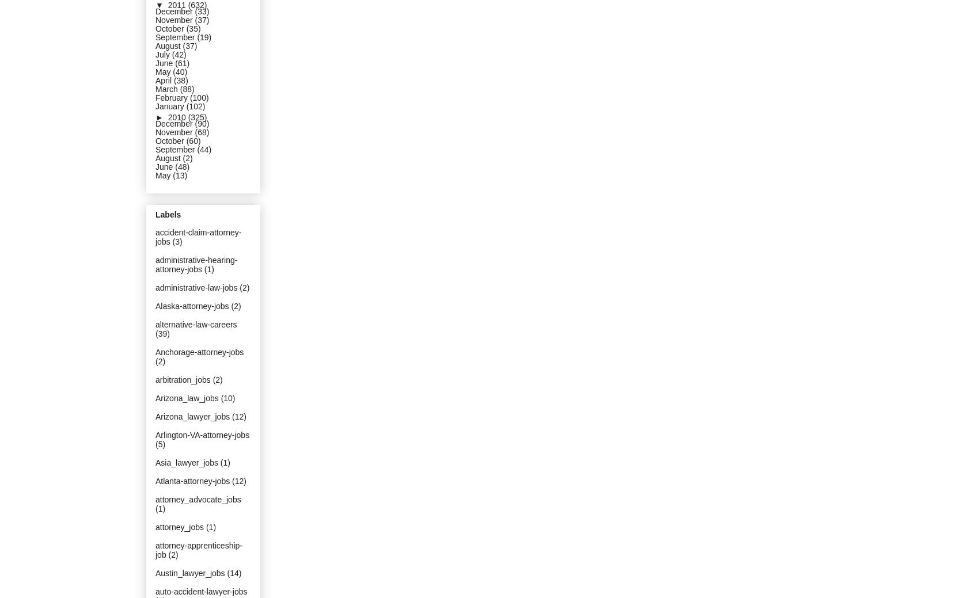 This screenshot has width=979, height=598. I want to click on '(40)', so click(173, 71).